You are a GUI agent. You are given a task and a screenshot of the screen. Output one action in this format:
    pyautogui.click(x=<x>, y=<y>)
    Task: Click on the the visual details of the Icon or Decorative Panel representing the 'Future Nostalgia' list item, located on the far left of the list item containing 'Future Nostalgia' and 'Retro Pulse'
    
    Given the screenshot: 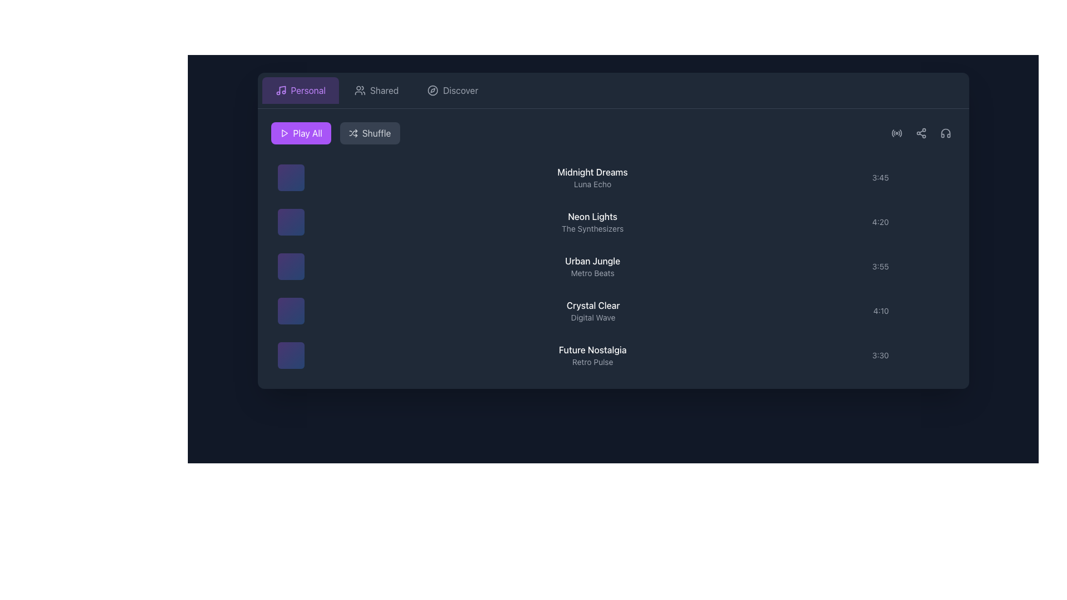 What is the action you would take?
    pyautogui.click(x=291, y=356)
    